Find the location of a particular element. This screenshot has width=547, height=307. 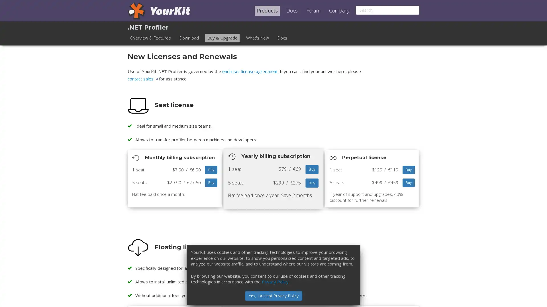

Buy is located at coordinates (312, 183).